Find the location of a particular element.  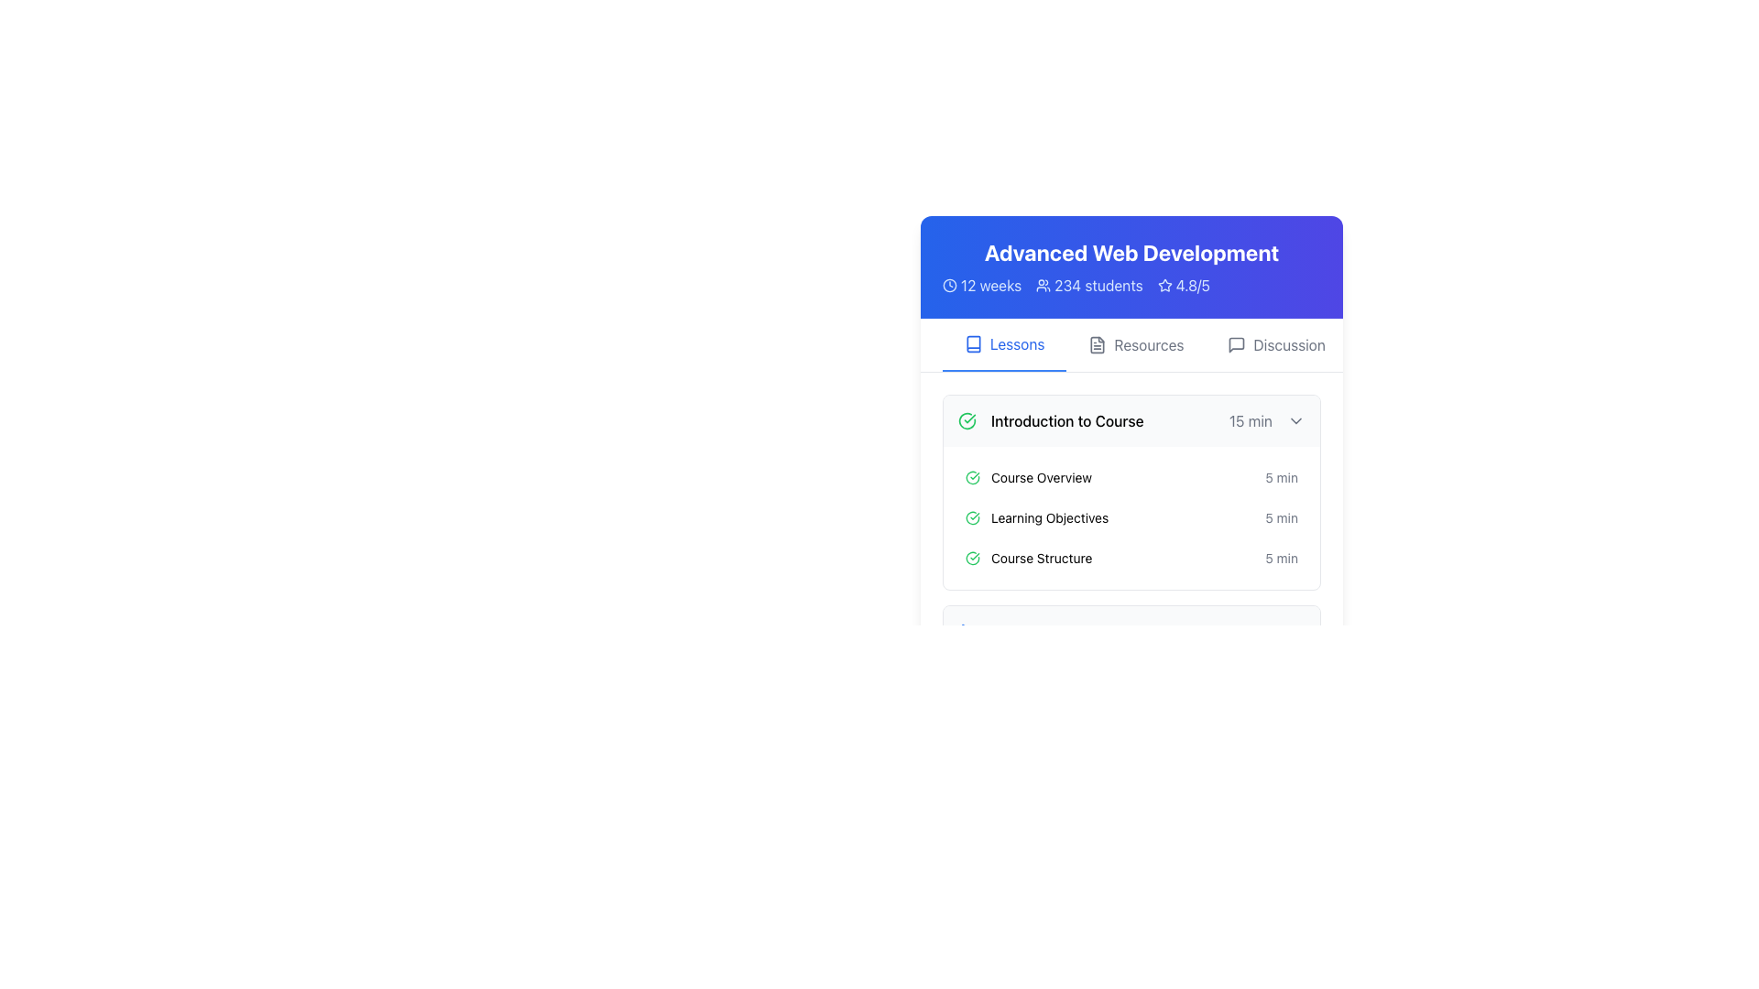

the middle navigation button labeled 'Resources' located in the navigation bar below the title 'Advanced Web Development' is located at coordinates (1131, 345).